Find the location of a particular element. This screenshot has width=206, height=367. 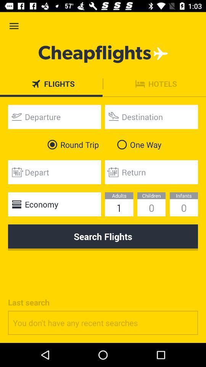

destination is located at coordinates (151, 117).